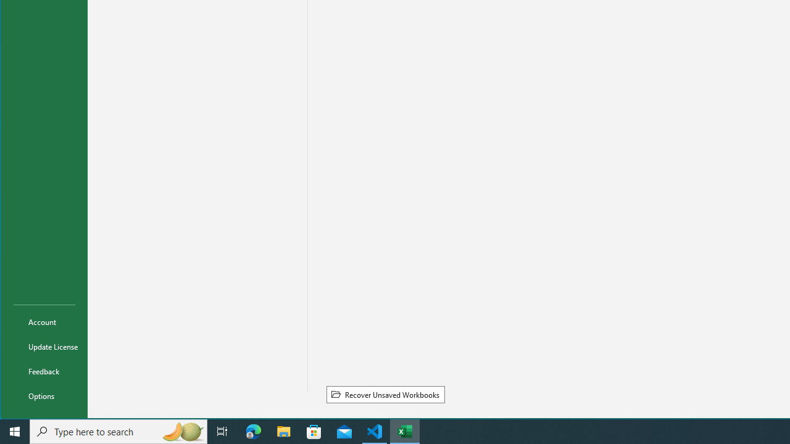  What do you see at coordinates (181, 430) in the screenshot?
I see `'Search highlights icon opens search home window'` at bounding box center [181, 430].